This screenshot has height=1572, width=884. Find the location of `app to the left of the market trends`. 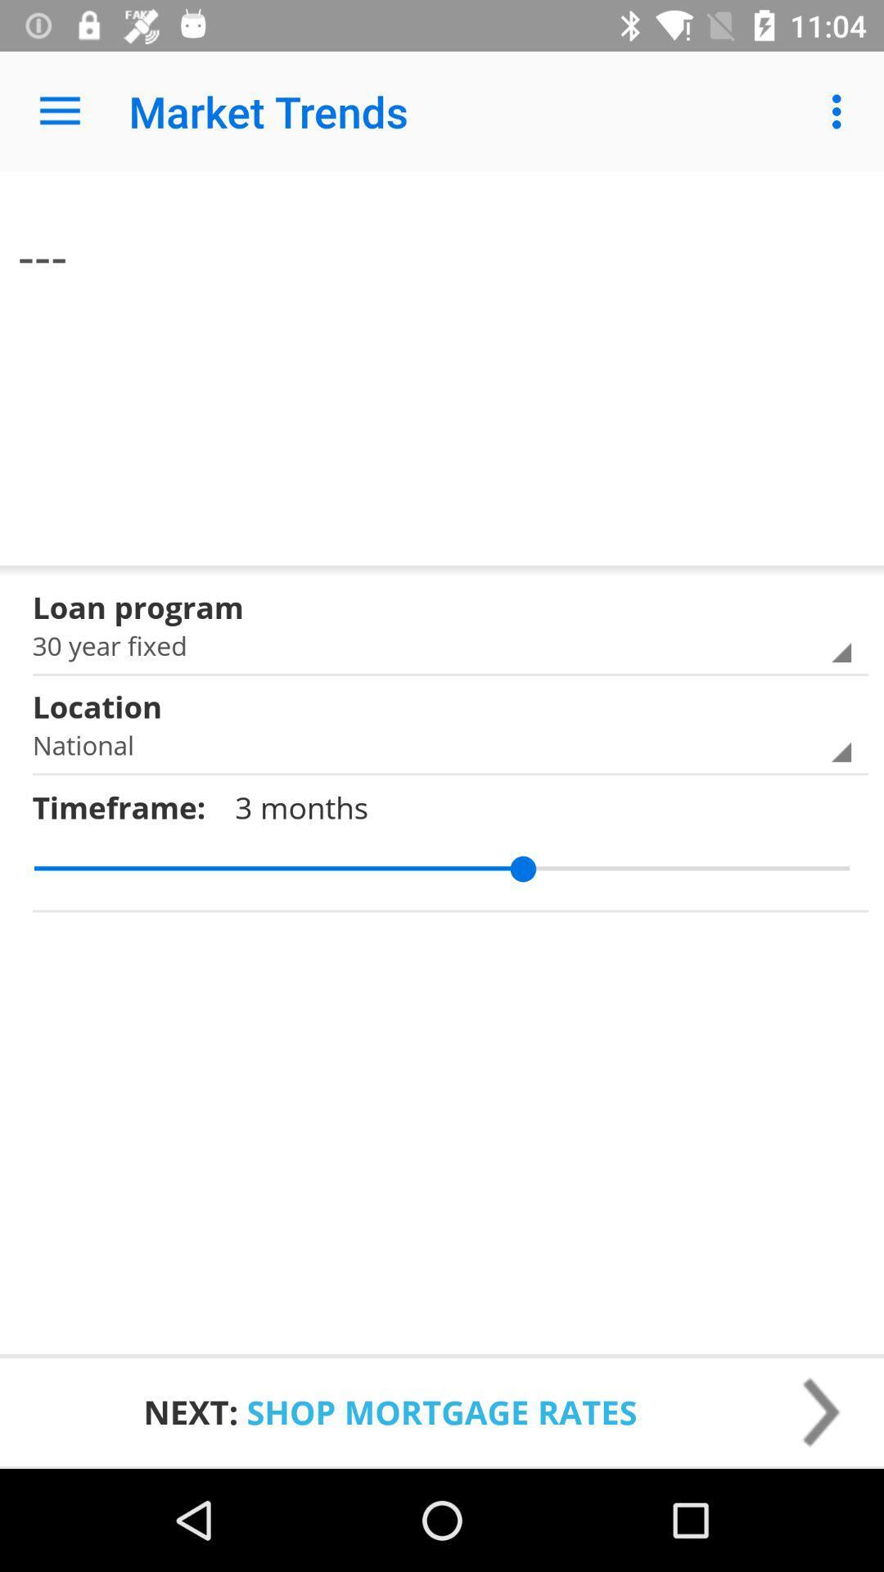

app to the left of the market trends is located at coordinates (59, 111).